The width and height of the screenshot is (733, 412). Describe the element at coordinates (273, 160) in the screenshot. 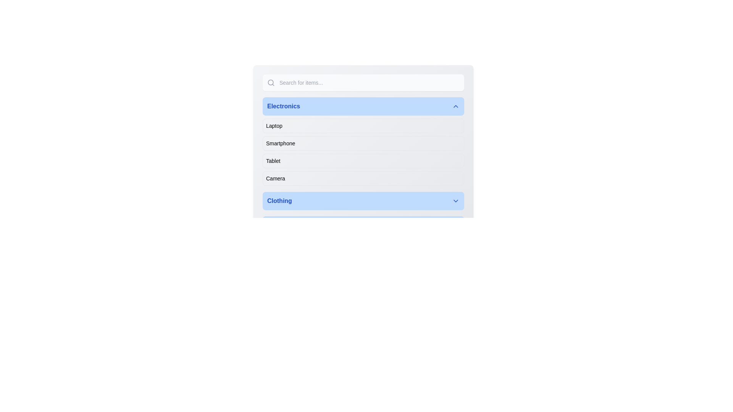

I see `the 'Tablet' text label element, which is part of the 'Electronics' section and is displayed in black sans-serif font, located between the 'Smartphone' and 'Camera' labels` at that location.